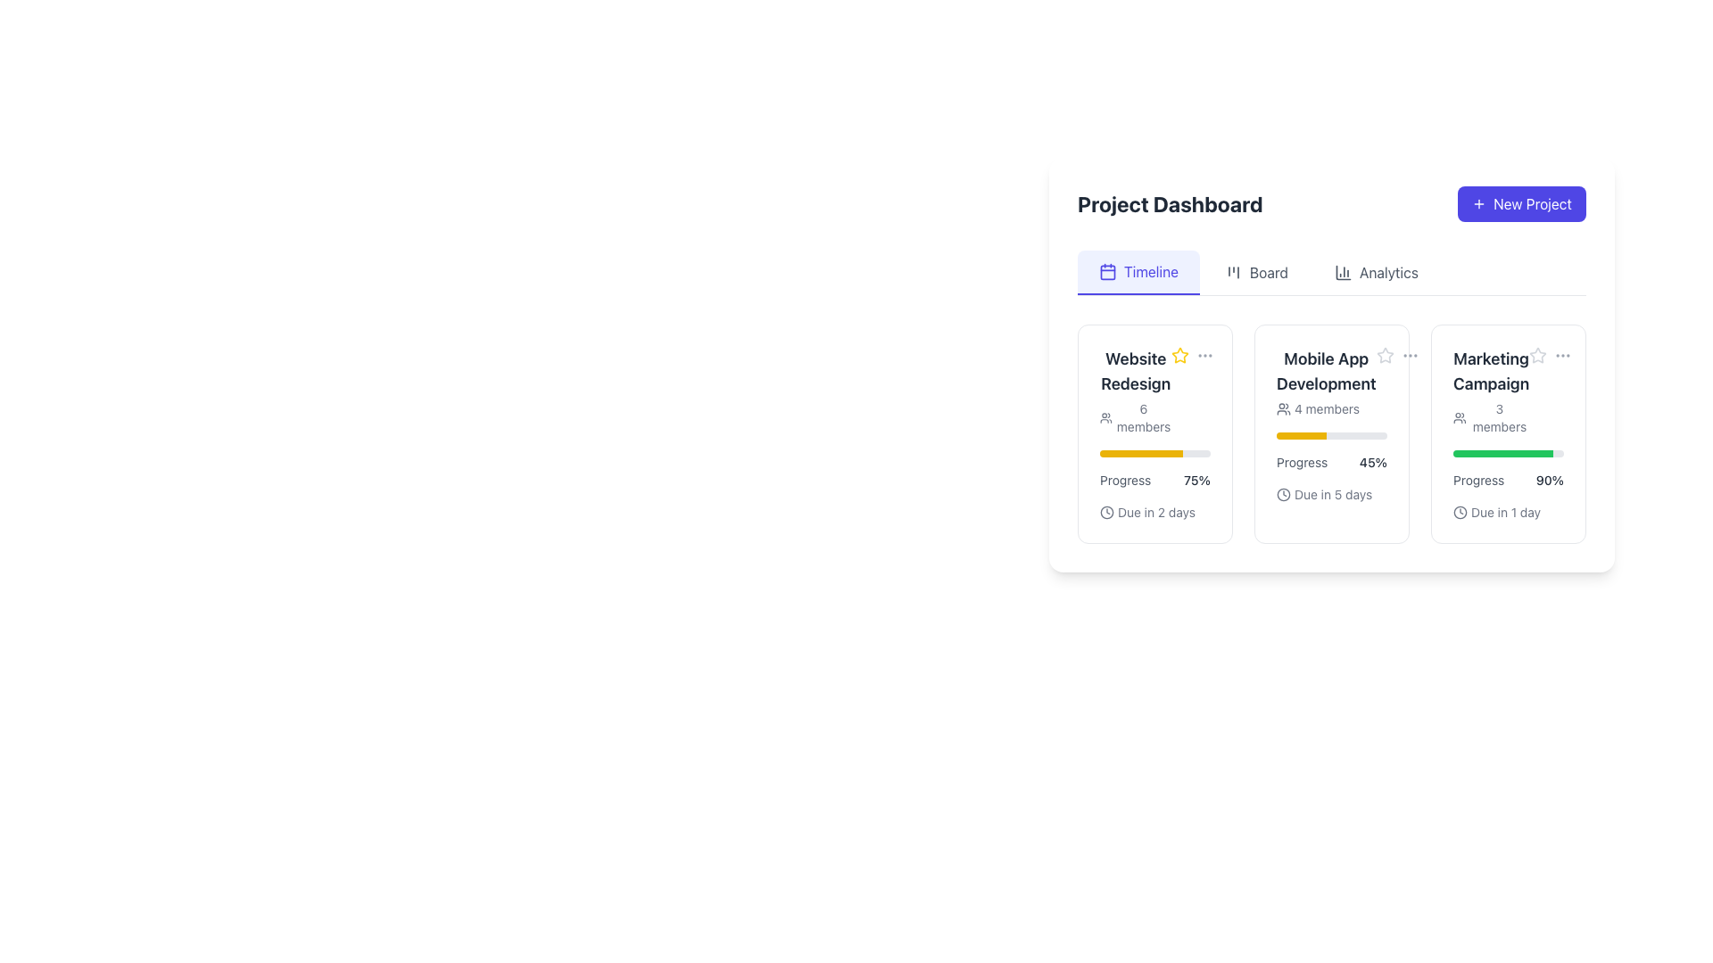 The height and width of the screenshot is (963, 1713). I want to click on the horizontal progress bar indicating progress in the 'Mobile App Development' card, which is the first element above the text 'Progress 45%', so click(1331, 436).